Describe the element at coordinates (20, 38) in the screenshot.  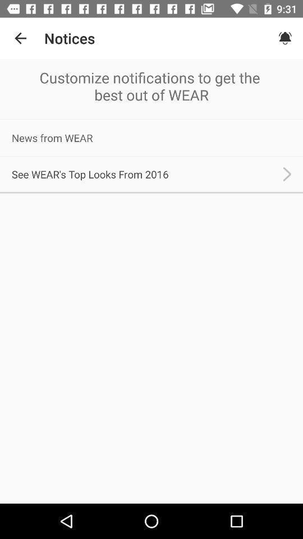
I see `icon above customize notifications to icon` at that location.